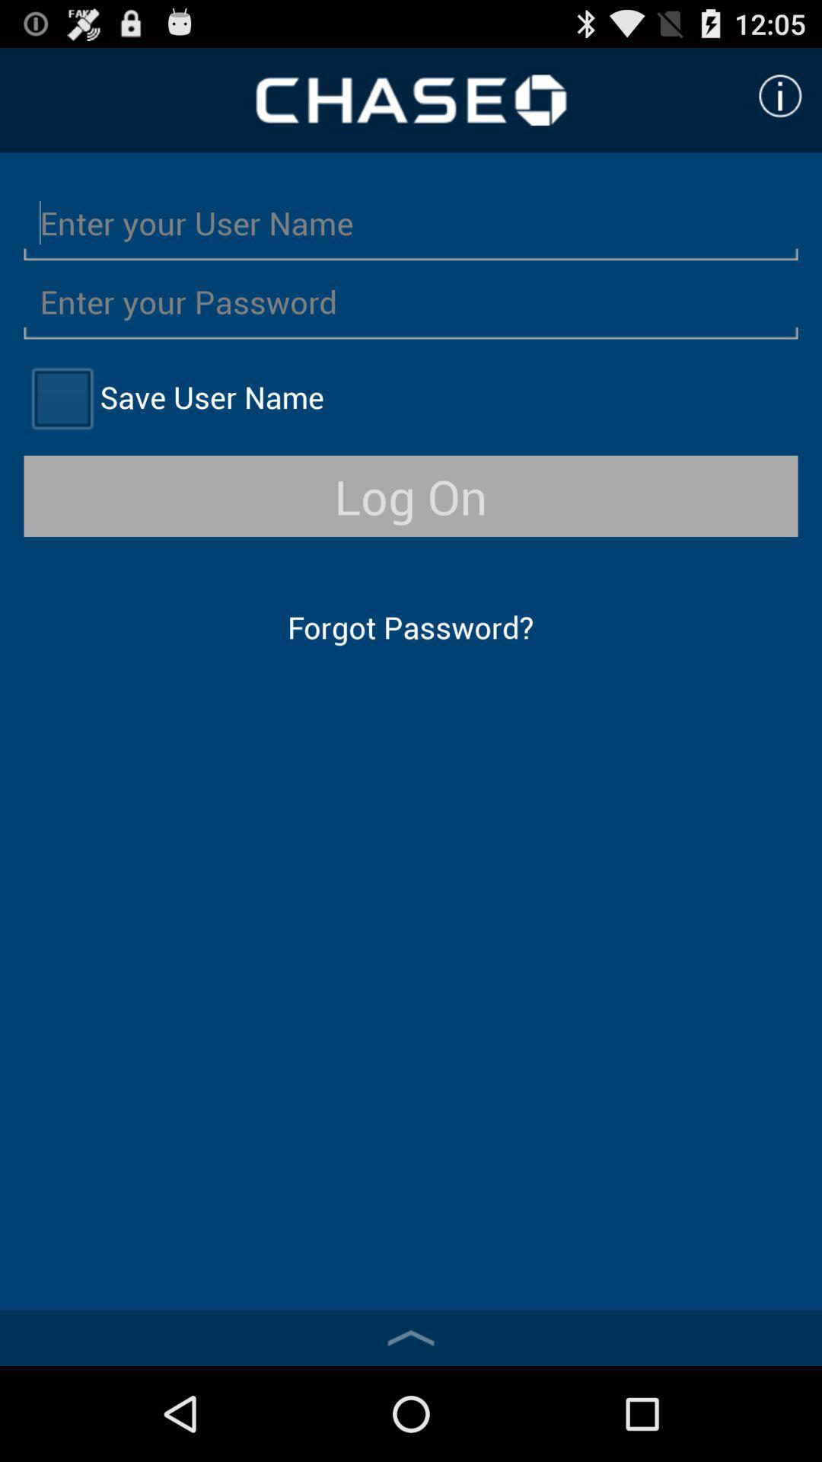  What do you see at coordinates (411, 222) in the screenshot?
I see `your user name` at bounding box center [411, 222].